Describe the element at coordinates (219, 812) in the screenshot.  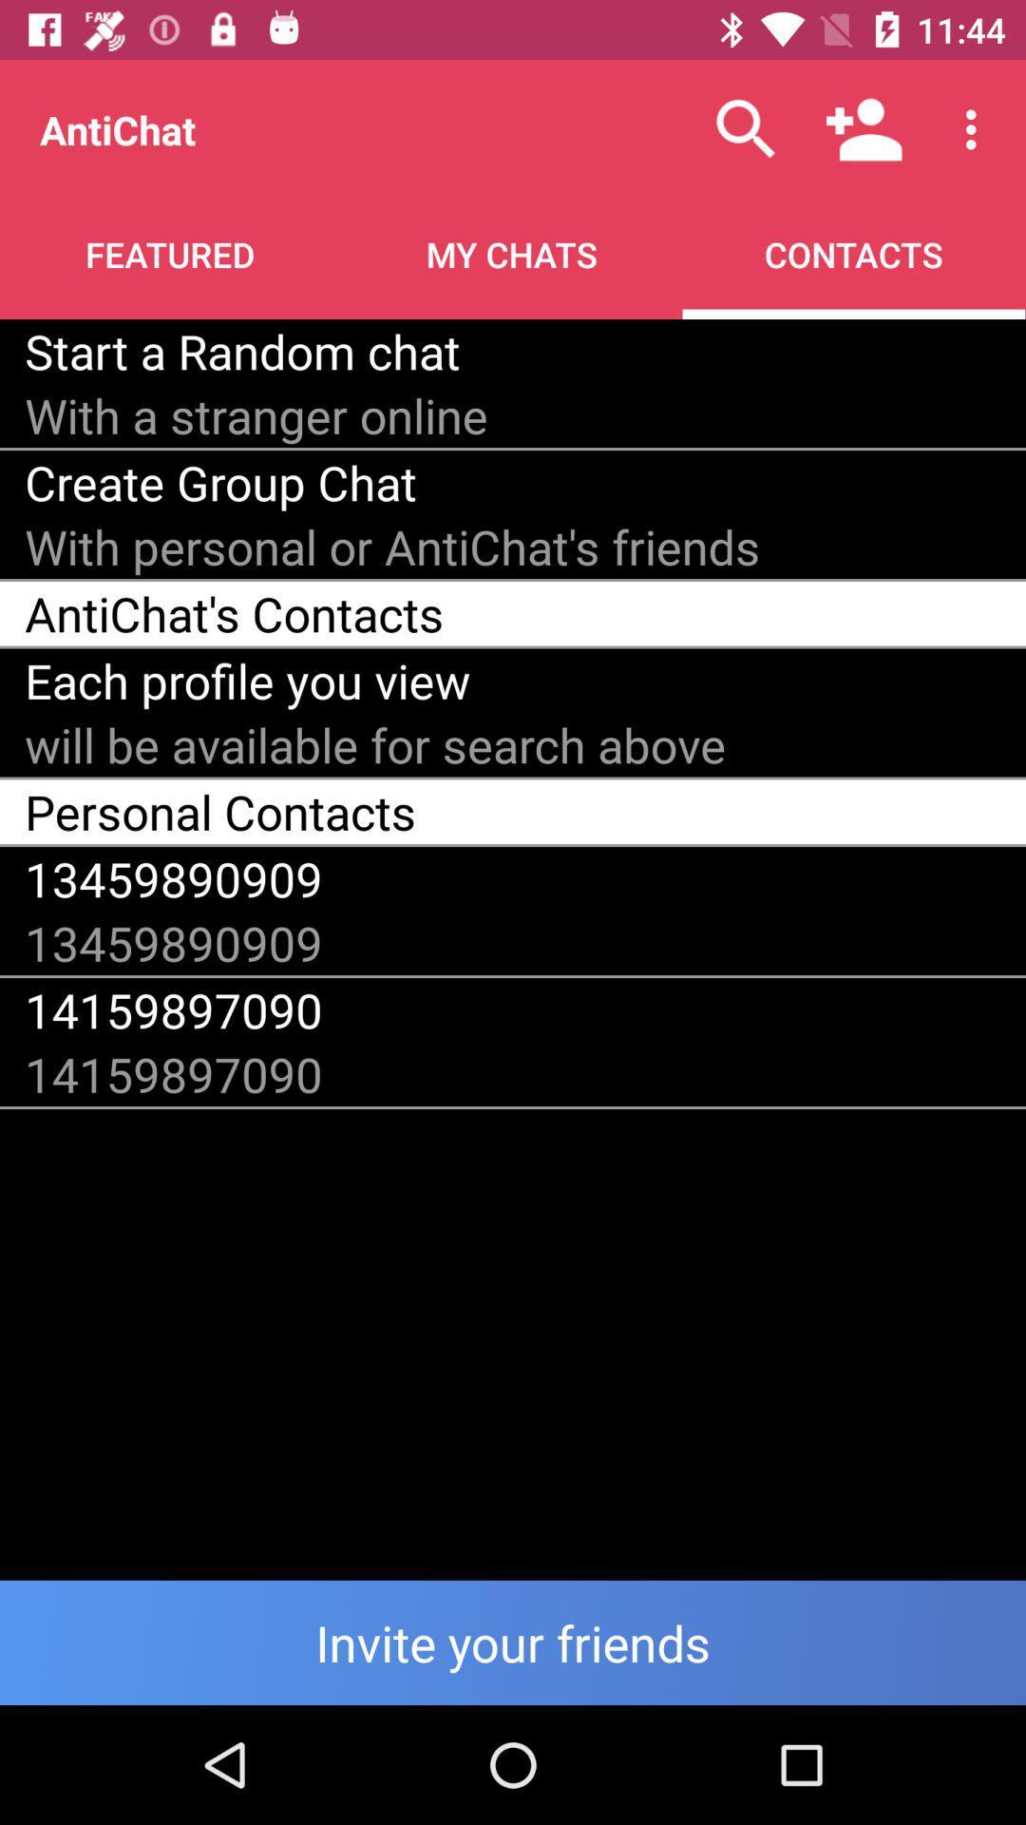
I see `icon below will be available` at that location.